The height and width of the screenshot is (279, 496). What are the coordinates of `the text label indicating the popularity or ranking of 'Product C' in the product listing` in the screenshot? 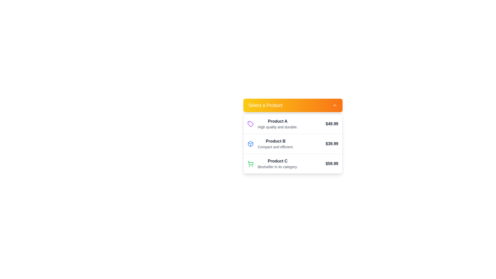 It's located at (277, 167).